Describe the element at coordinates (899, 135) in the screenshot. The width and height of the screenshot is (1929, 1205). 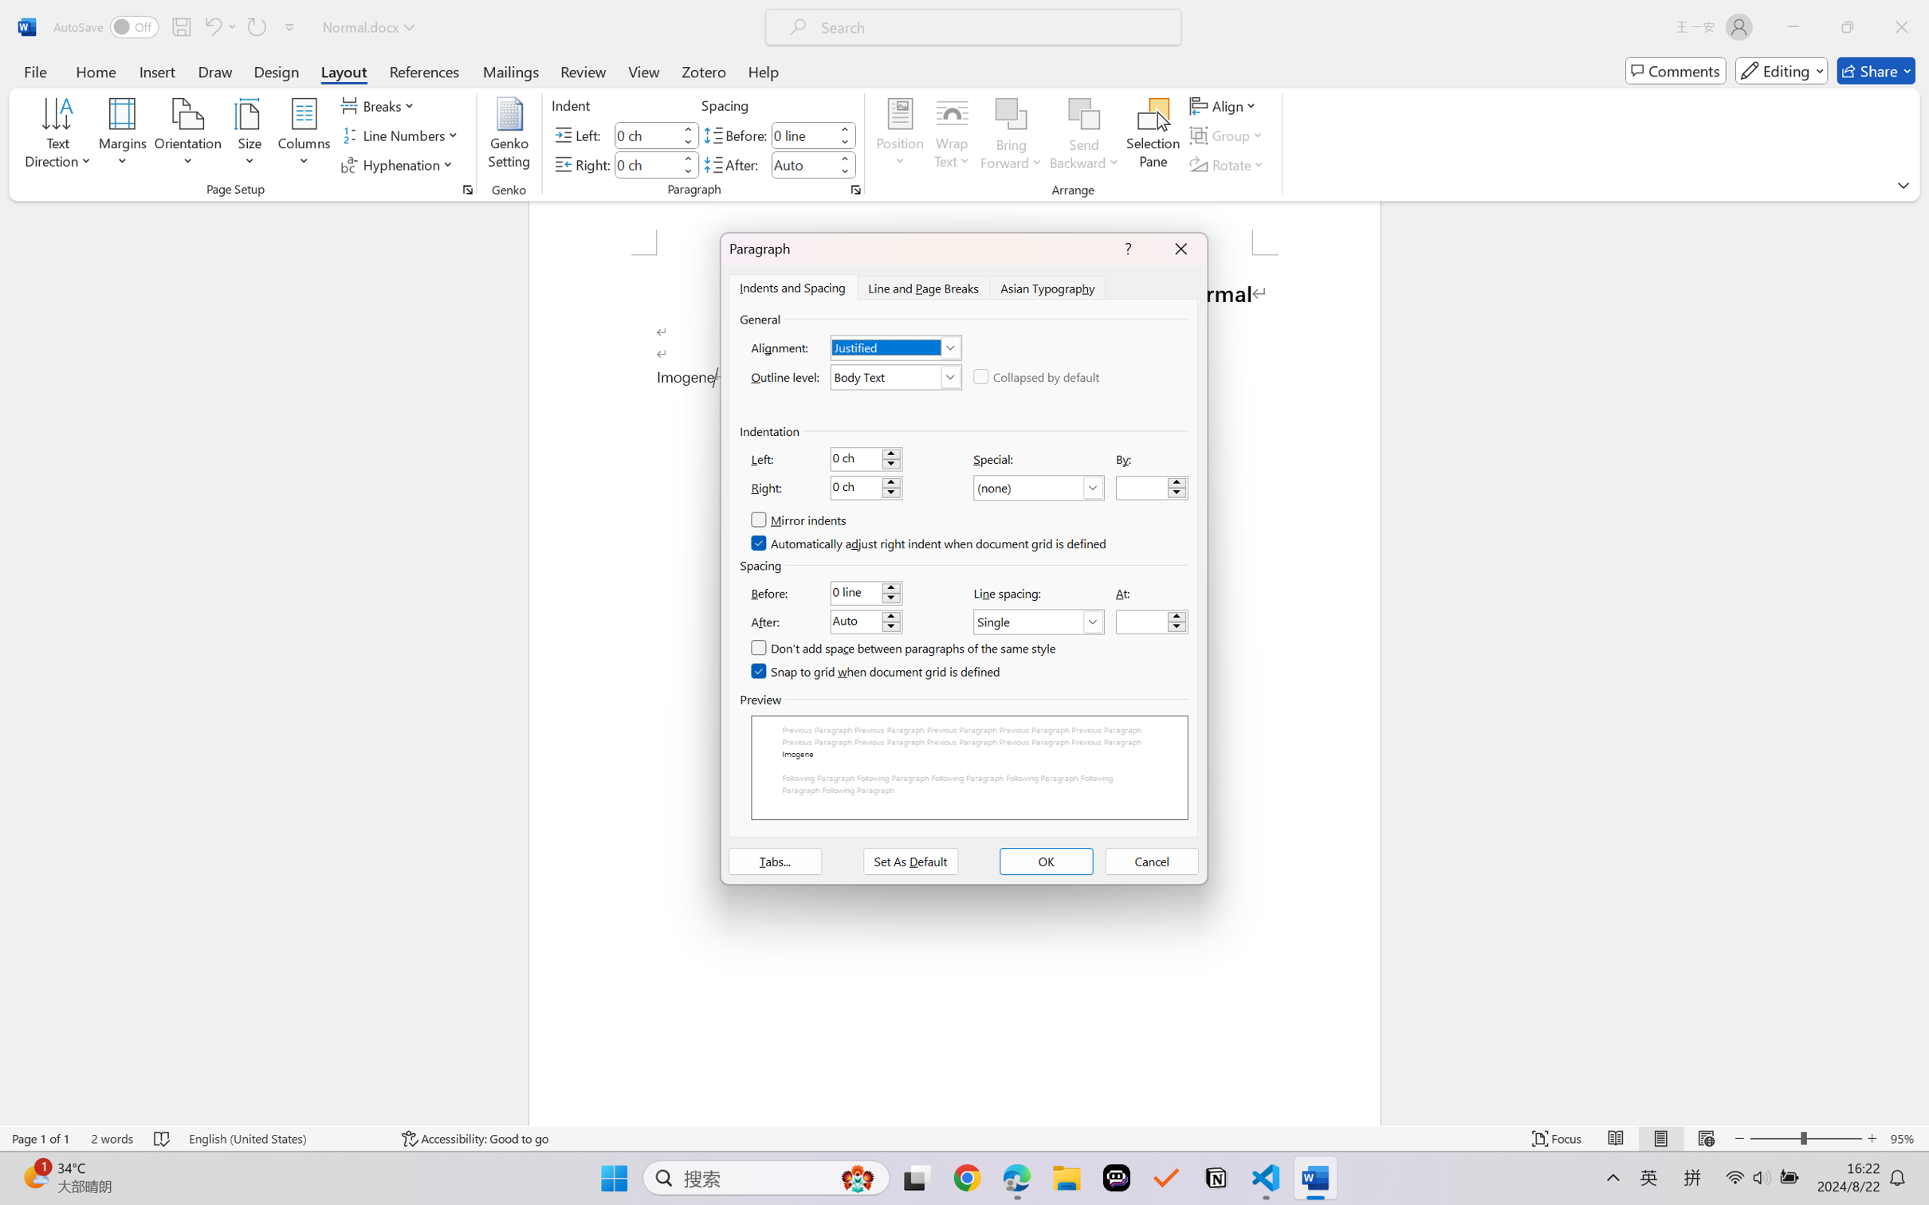
I see `'Position'` at that location.